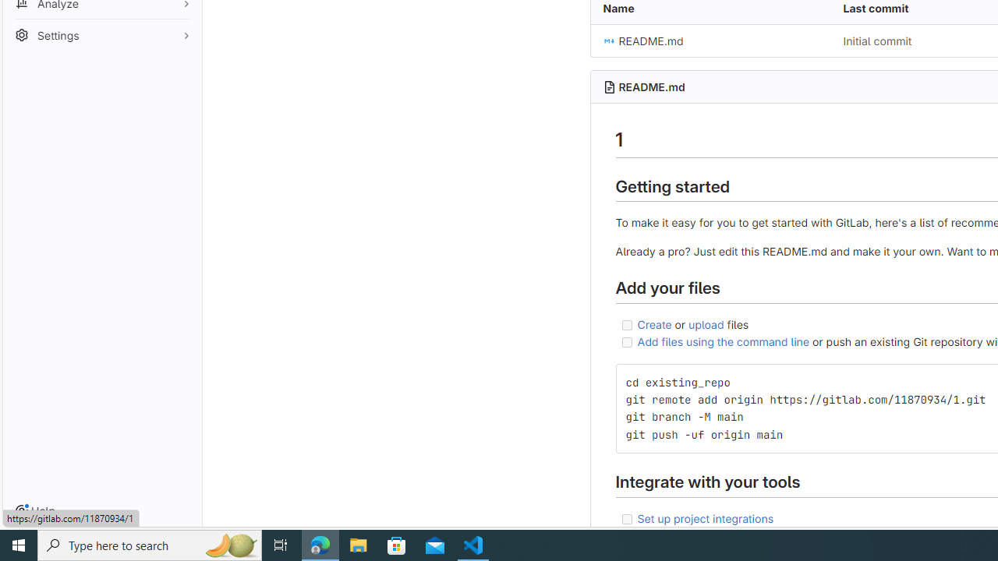 Image resolution: width=998 pixels, height=561 pixels. I want to click on 'Create', so click(654, 323).